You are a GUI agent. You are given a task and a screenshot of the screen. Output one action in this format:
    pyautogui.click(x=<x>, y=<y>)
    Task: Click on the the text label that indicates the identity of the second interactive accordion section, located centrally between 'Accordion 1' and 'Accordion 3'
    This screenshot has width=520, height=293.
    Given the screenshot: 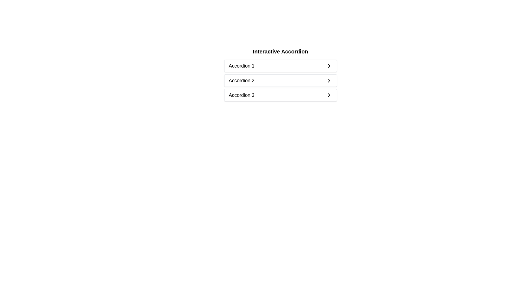 What is the action you would take?
    pyautogui.click(x=241, y=81)
    